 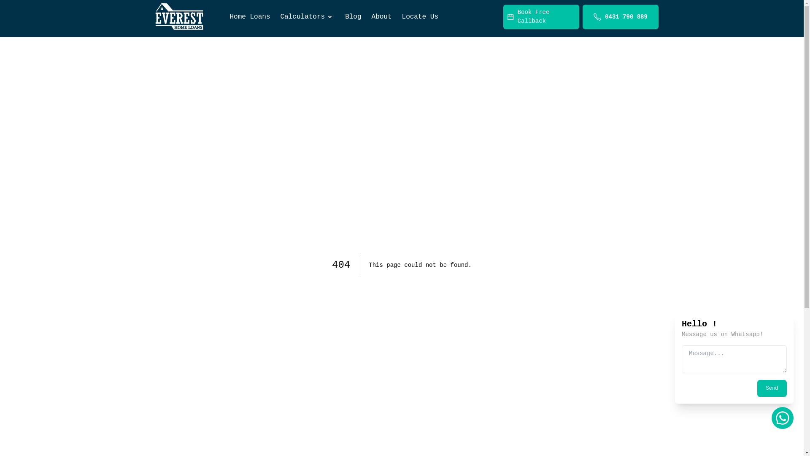 What do you see at coordinates (620, 16) in the screenshot?
I see `'0431 790 889'` at bounding box center [620, 16].